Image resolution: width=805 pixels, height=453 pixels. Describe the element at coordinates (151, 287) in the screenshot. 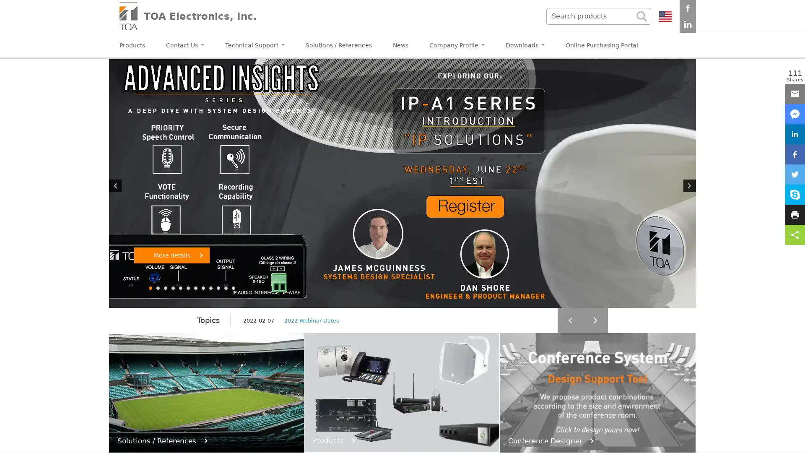

I see `1` at that location.